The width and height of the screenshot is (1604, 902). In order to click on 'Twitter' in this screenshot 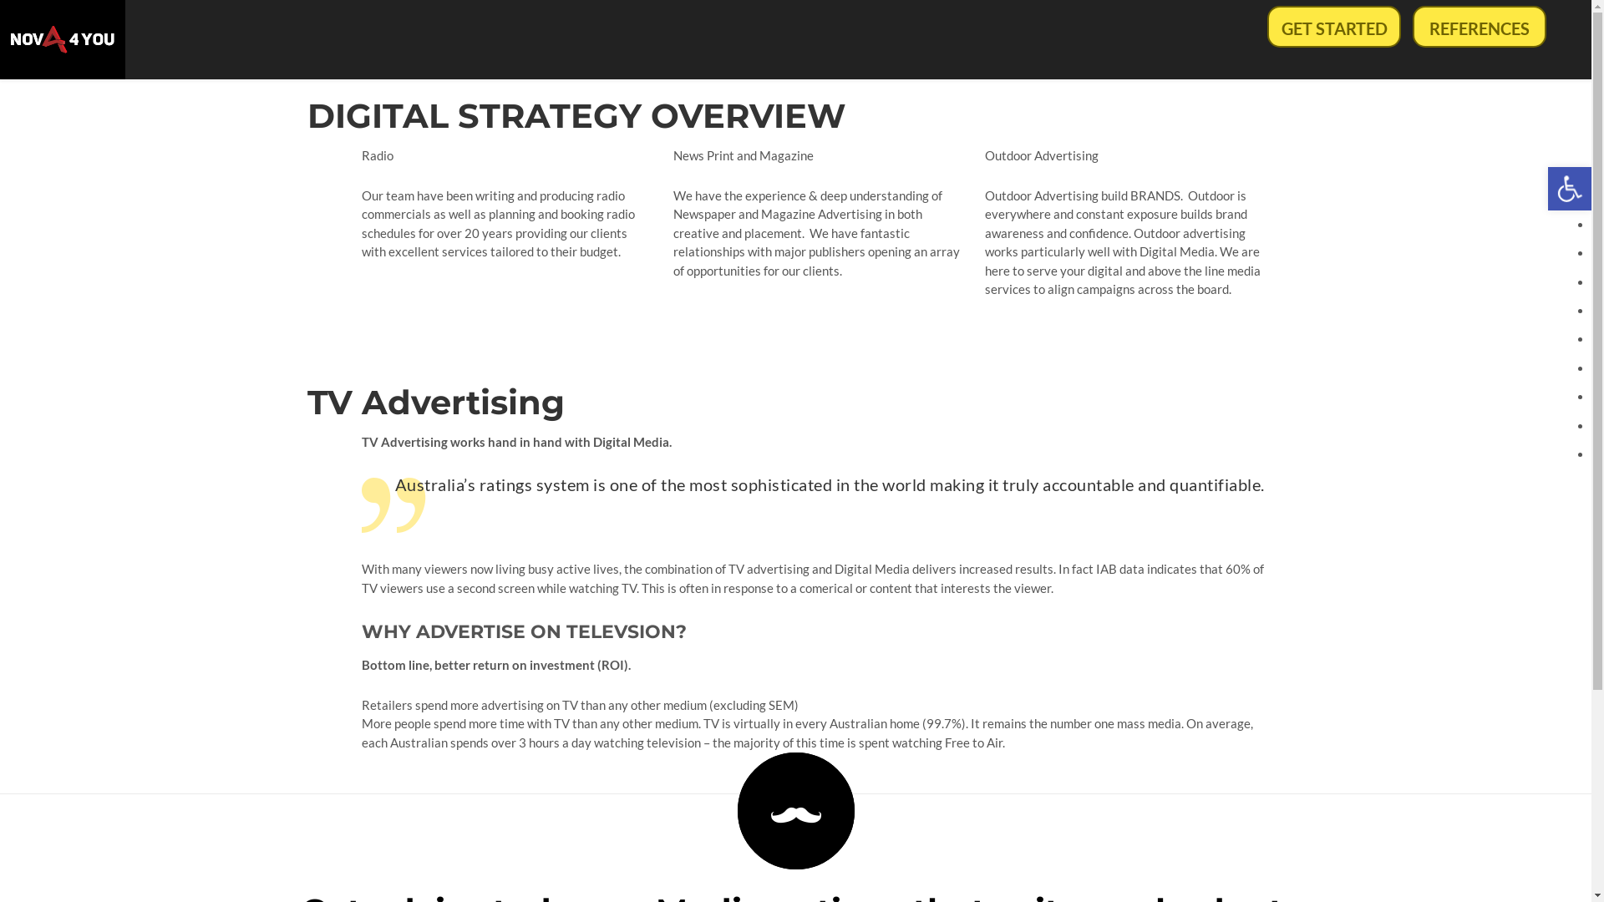, I will do `click(1272, 848)`.